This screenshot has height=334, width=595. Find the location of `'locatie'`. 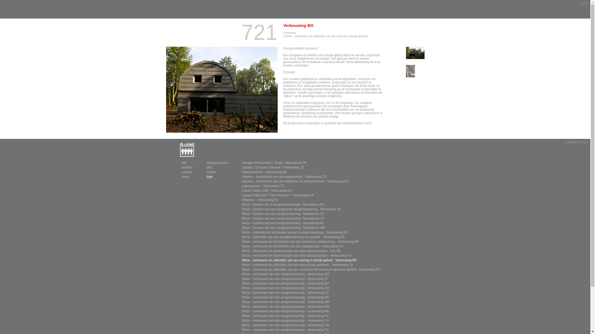

'locatie' is located at coordinates (211, 172).